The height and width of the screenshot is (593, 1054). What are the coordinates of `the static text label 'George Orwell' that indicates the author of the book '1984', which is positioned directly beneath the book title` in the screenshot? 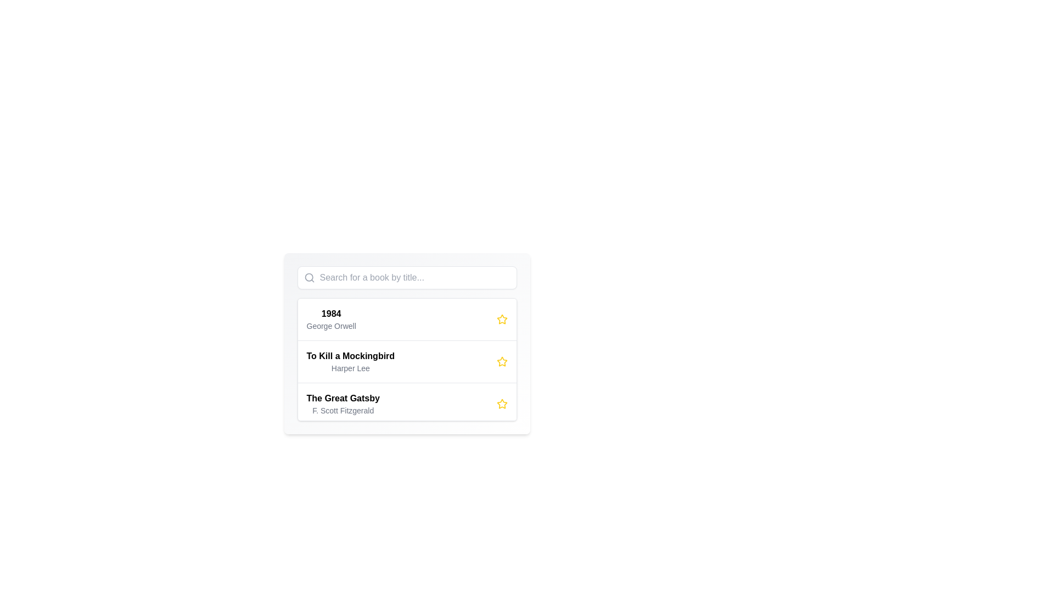 It's located at (330, 326).